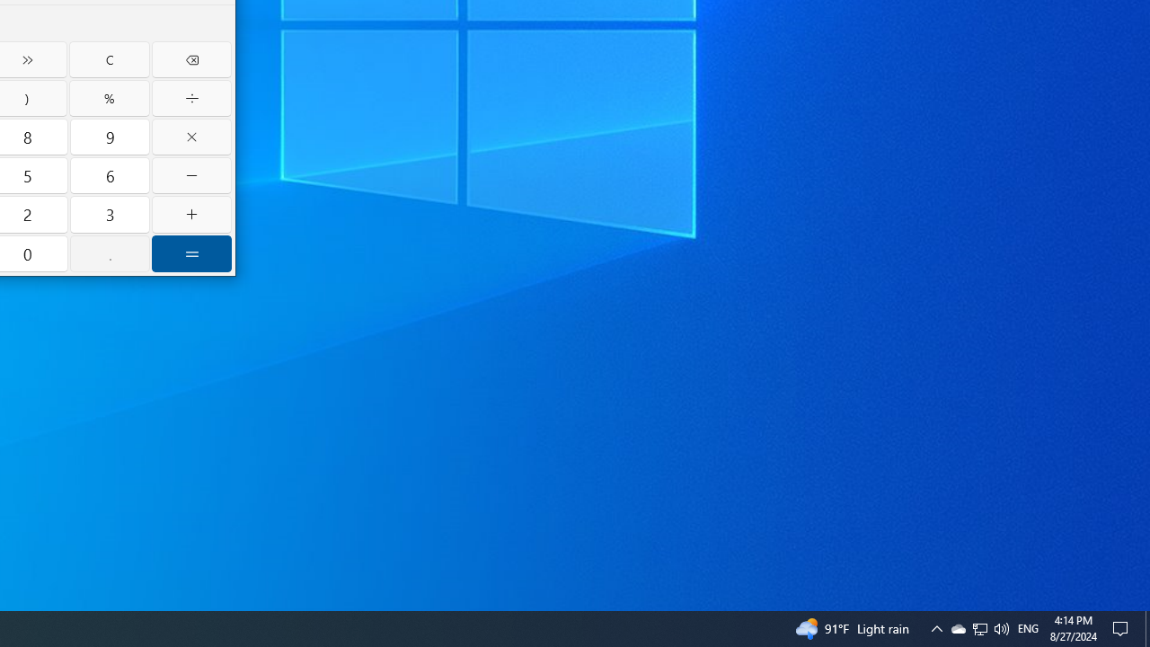 The width and height of the screenshot is (1150, 647). Describe the element at coordinates (108, 58) in the screenshot. I see `'Clear'` at that location.